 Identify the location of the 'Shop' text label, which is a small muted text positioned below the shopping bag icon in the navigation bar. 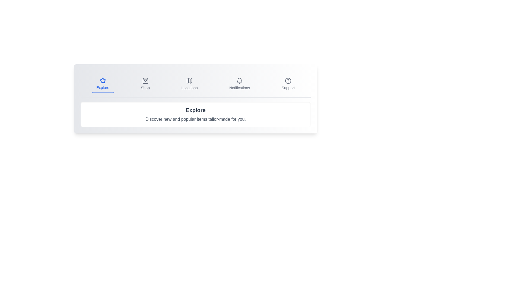
(145, 88).